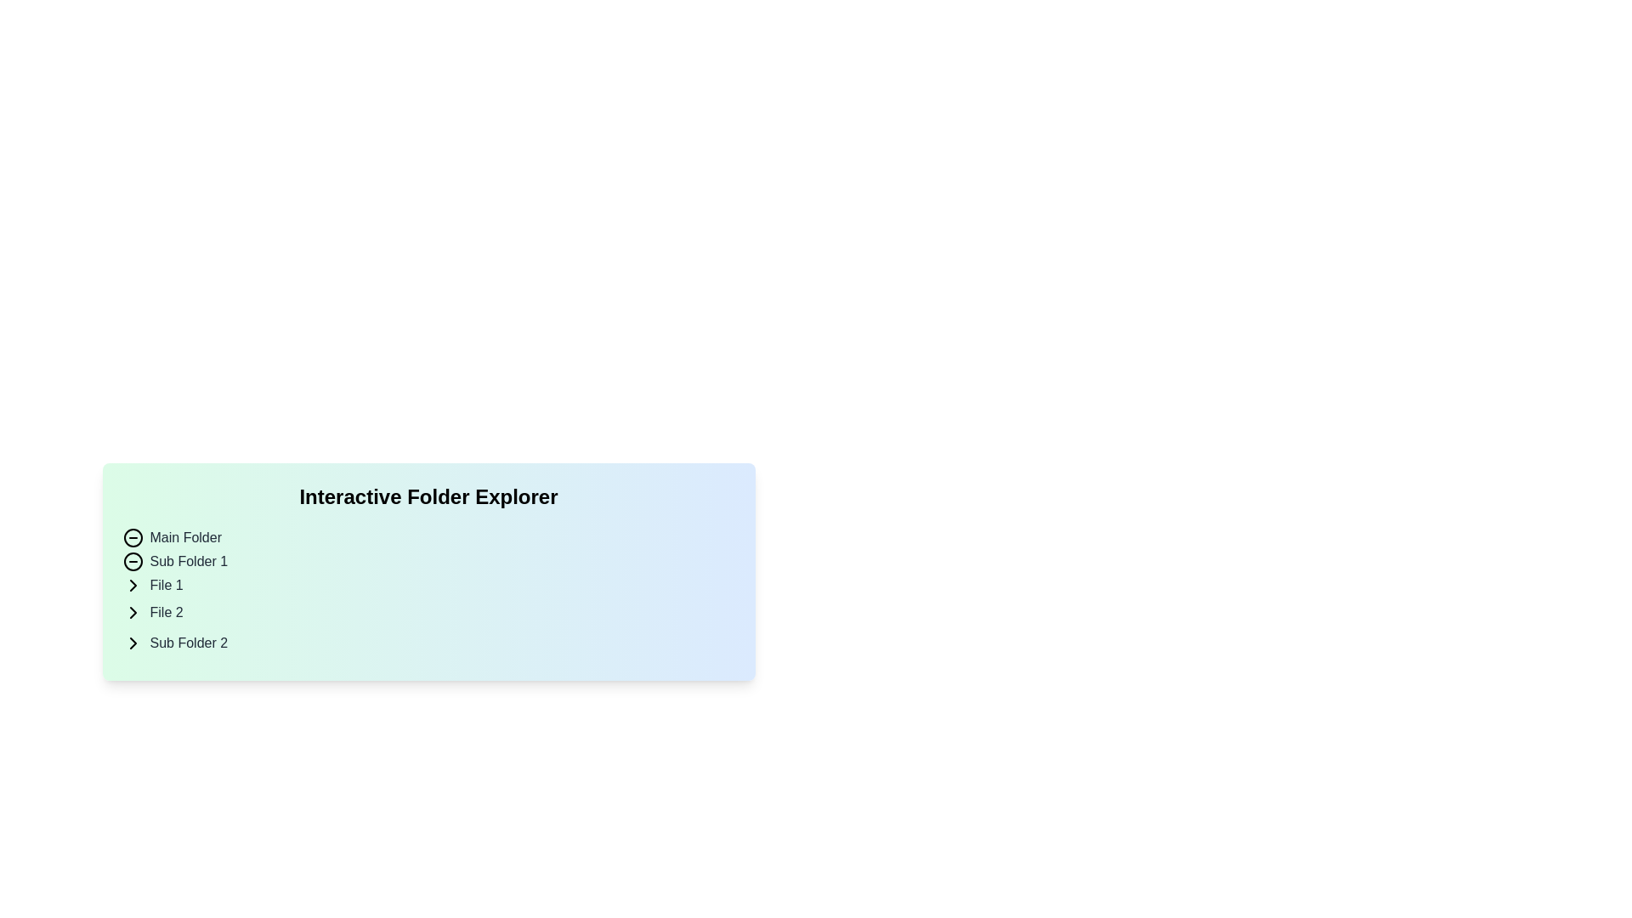  What do you see at coordinates (132, 585) in the screenshot?
I see `the rightward-pointing chevron icon used for hierarchical navigation` at bounding box center [132, 585].